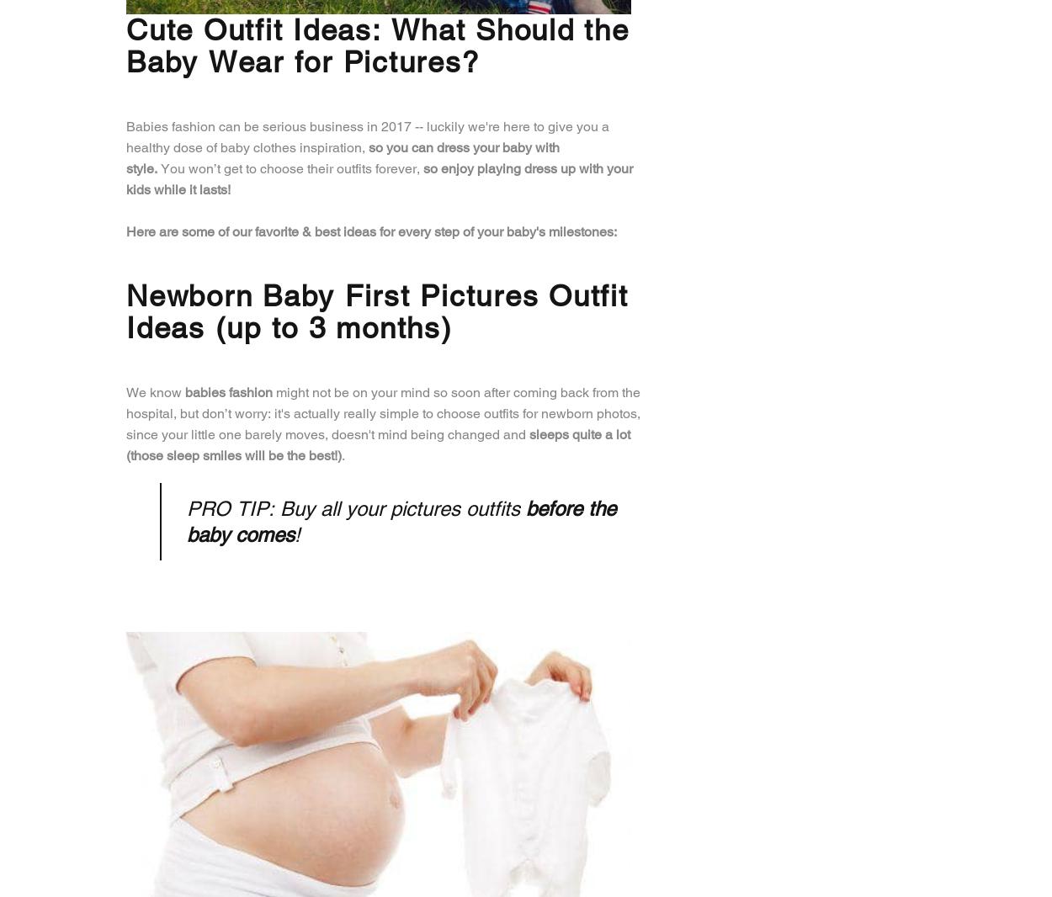 The width and height of the screenshot is (1052, 897). What do you see at coordinates (376, 310) in the screenshot?
I see `'Newborn Baby First Pictures Outfit Ideas (up to 3 months)'` at bounding box center [376, 310].